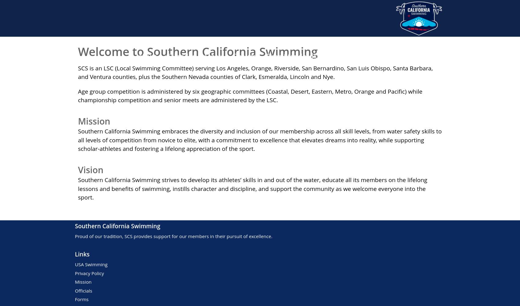 The width and height of the screenshot is (520, 306). What do you see at coordinates (117, 226) in the screenshot?
I see `'Southern California Swimming'` at bounding box center [117, 226].